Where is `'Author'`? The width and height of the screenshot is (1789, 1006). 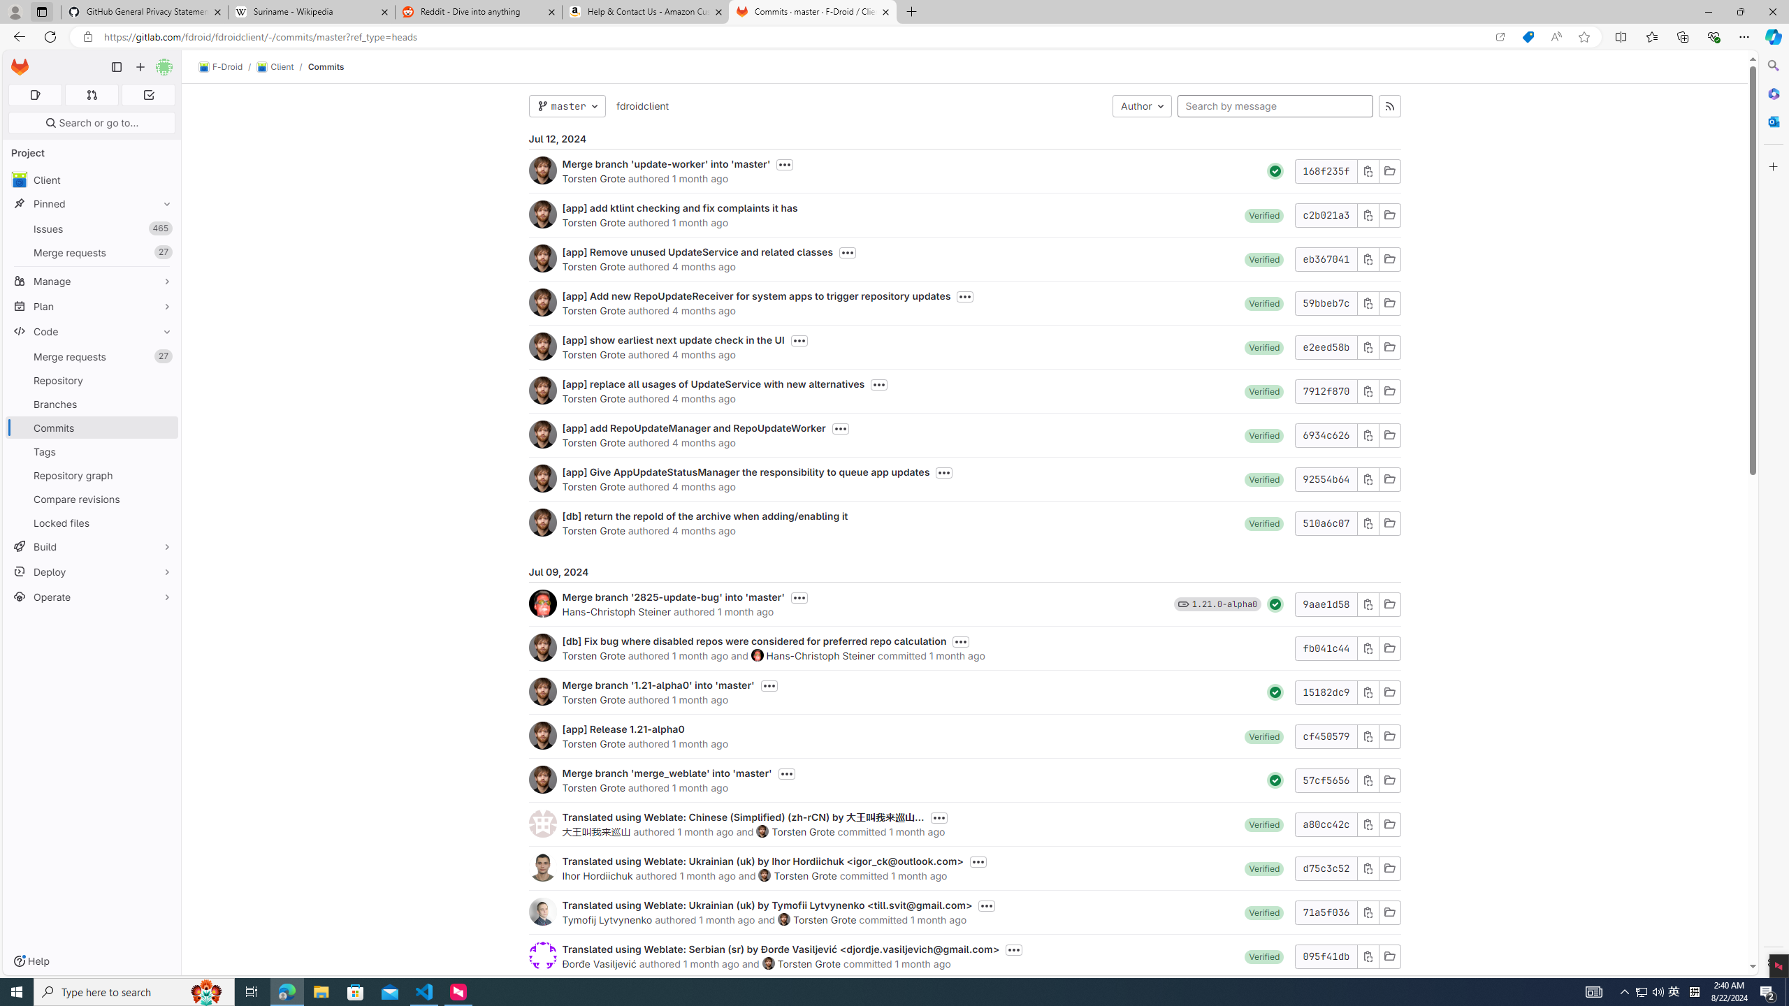 'Author' is located at coordinates (1142, 105).